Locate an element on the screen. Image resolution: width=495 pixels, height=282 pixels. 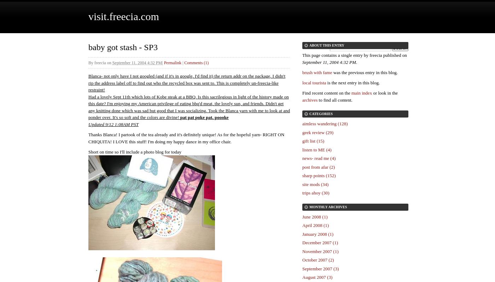
'gift list (15)' is located at coordinates (313, 141).